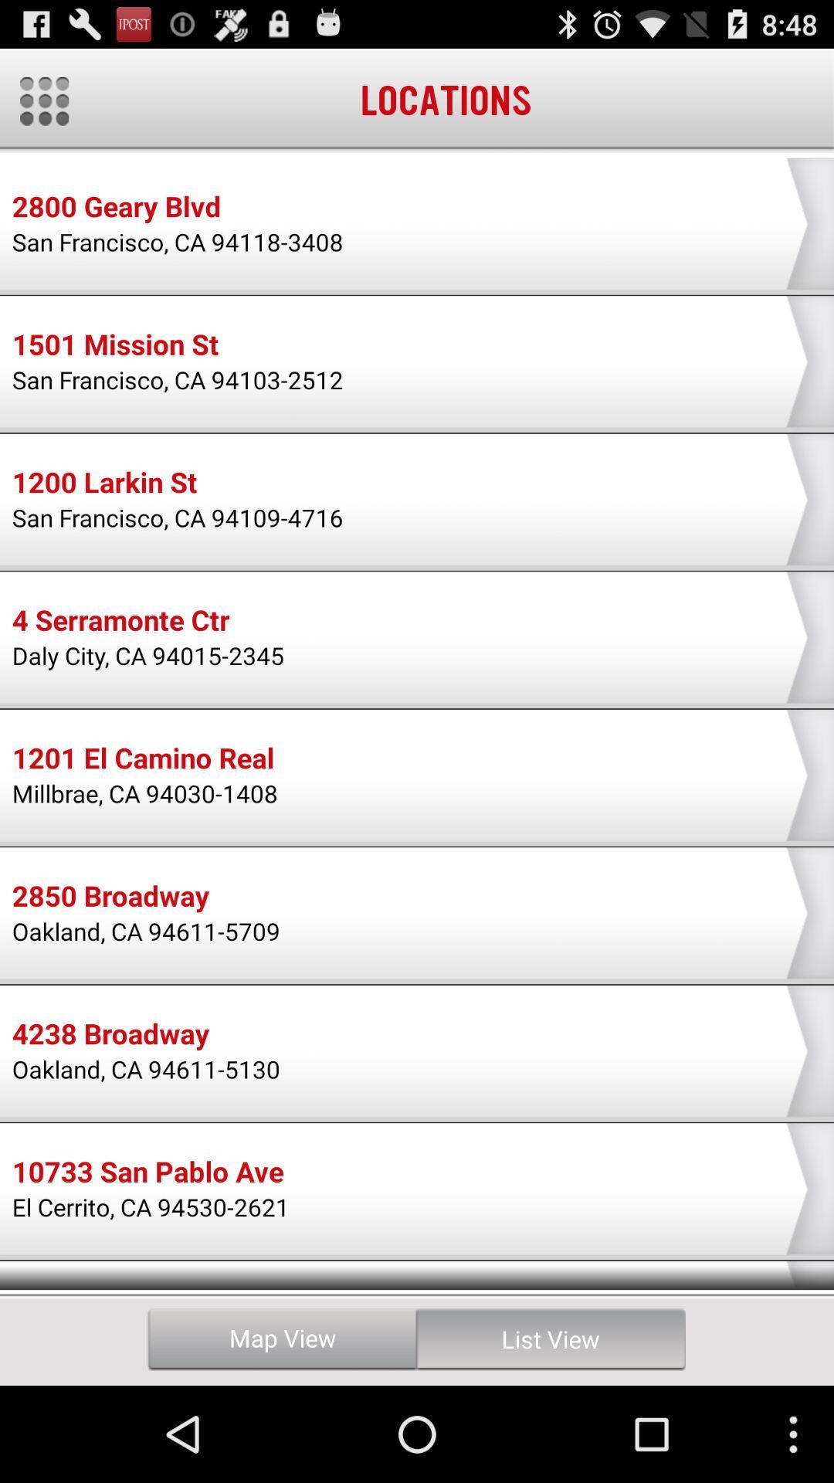  What do you see at coordinates (43, 100) in the screenshot?
I see `main menu` at bounding box center [43, 100].